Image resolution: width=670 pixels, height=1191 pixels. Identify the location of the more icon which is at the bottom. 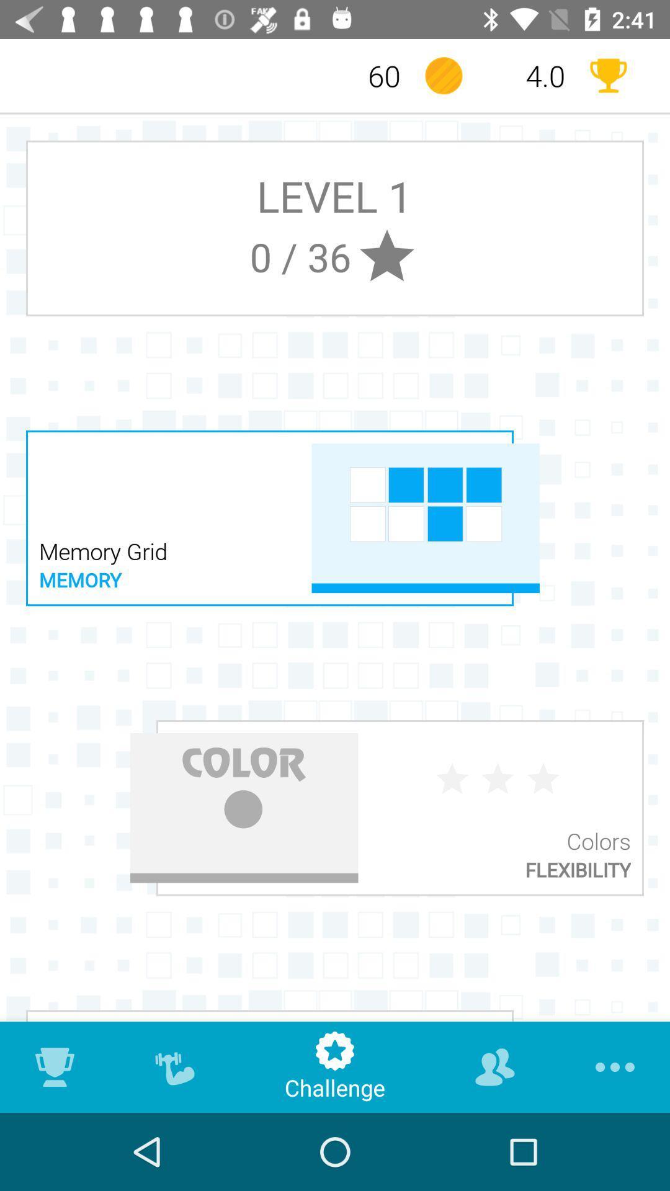
(612, 1066).